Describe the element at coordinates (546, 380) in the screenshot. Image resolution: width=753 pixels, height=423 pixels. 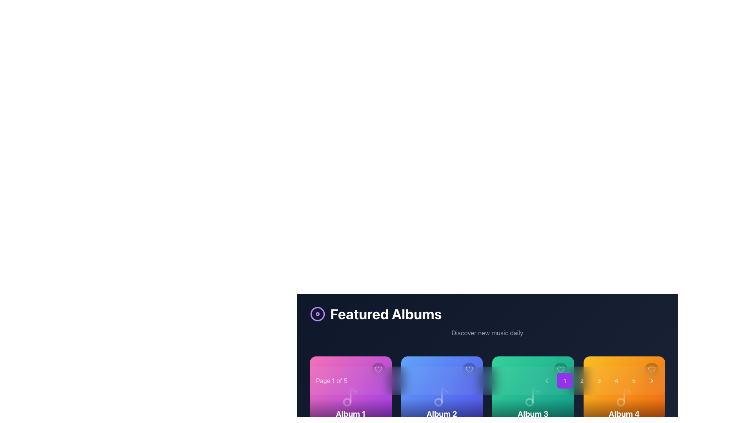
I see `the leftmost navigation button that allows users to move backwards in a series of items or pages` at that location.